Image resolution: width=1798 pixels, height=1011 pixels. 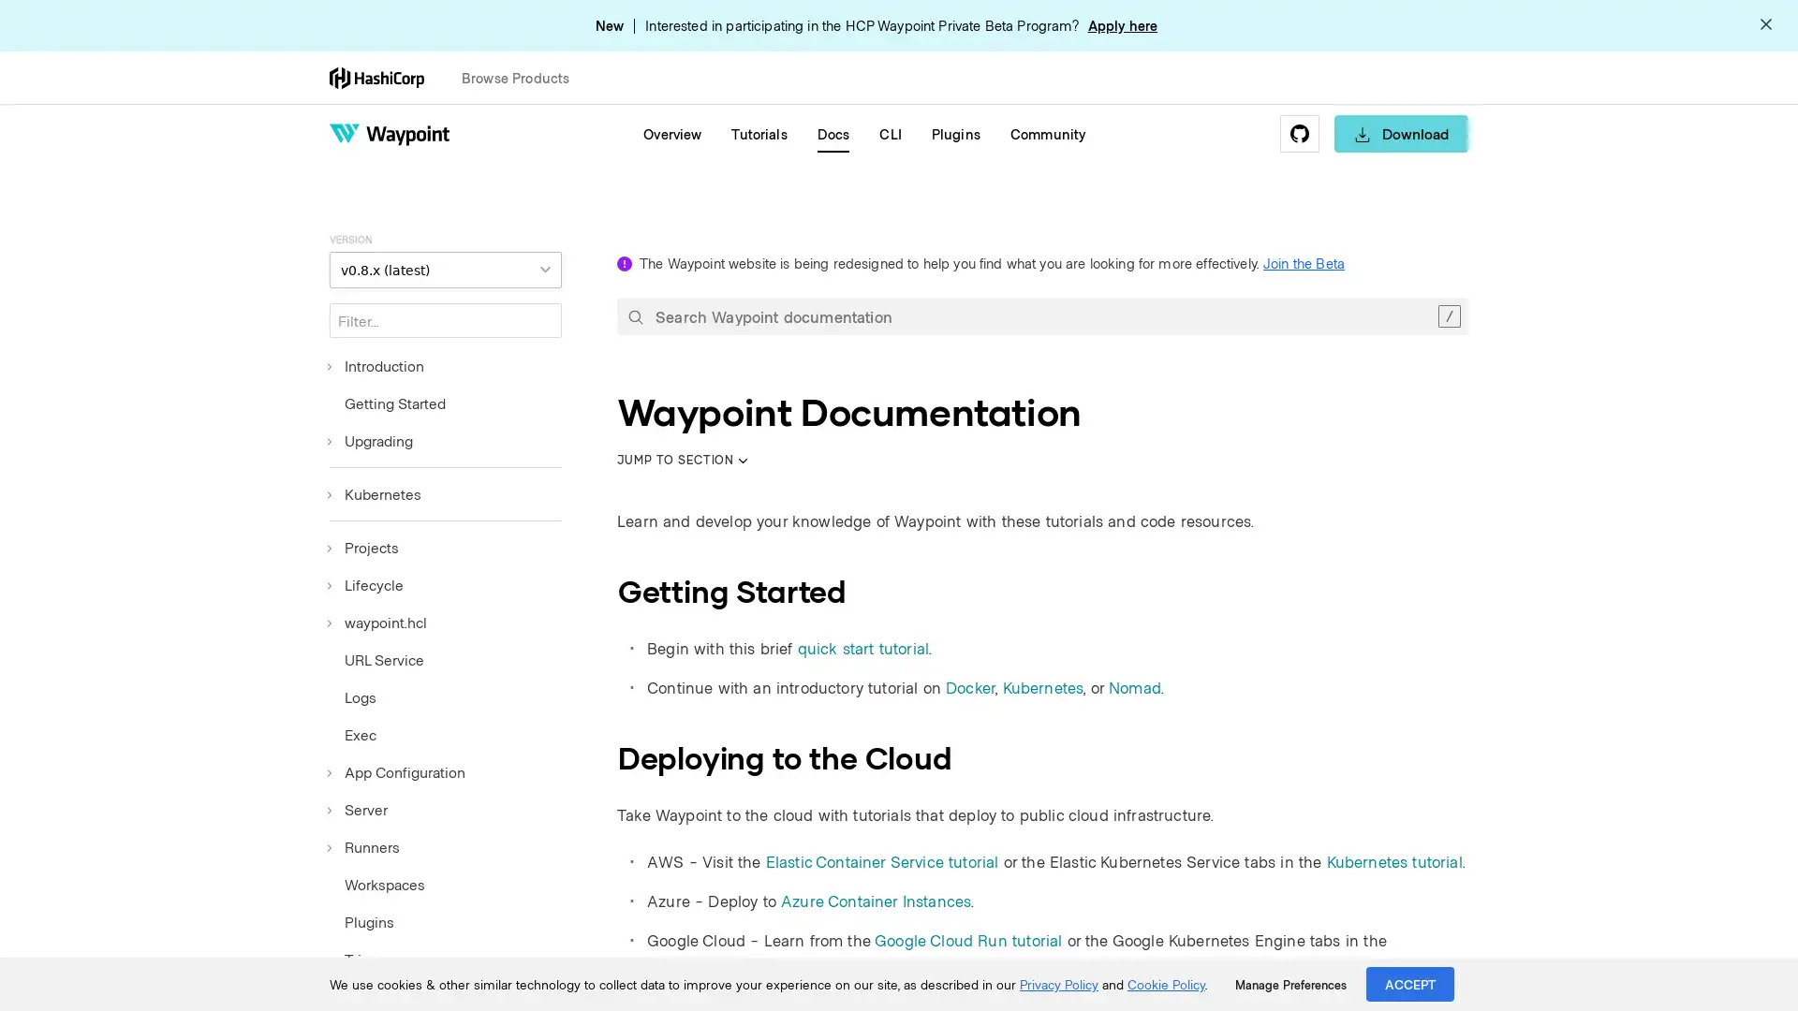 I want to click on Submit your search query., so click(x=635, y=315).